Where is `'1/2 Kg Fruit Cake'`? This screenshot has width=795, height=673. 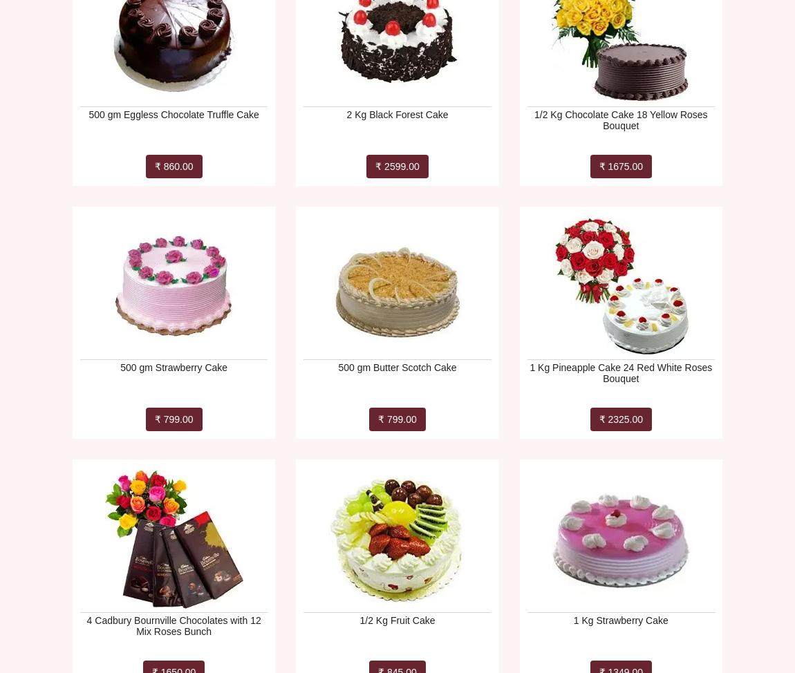
'1/2 Kg Fruit Cake' is located at coordinates (397, 620).